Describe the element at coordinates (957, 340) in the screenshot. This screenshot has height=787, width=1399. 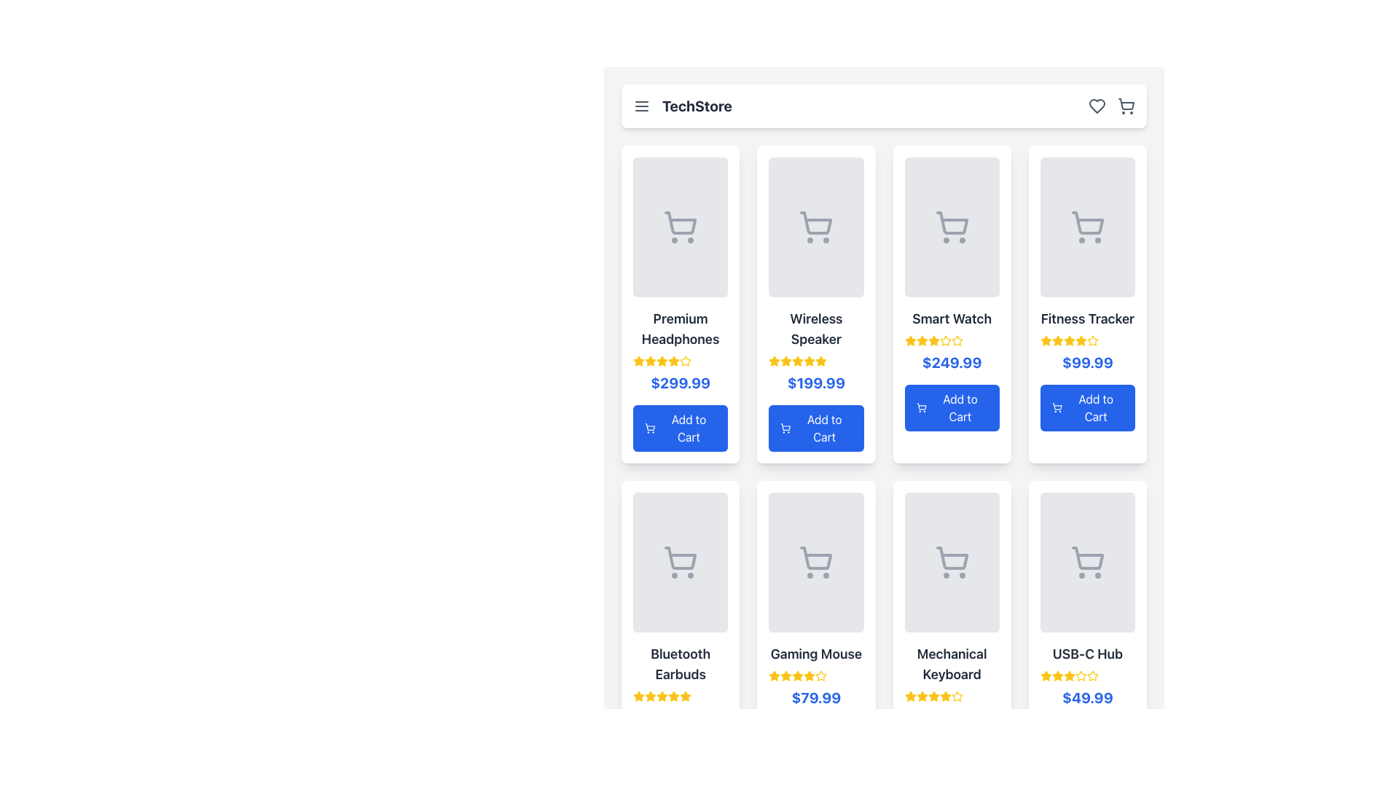
I see `the third star icon in the rating component for the product 'Smart Watch', which is a vibrant yellow star located in the second row, third column of the product grid` at that location.